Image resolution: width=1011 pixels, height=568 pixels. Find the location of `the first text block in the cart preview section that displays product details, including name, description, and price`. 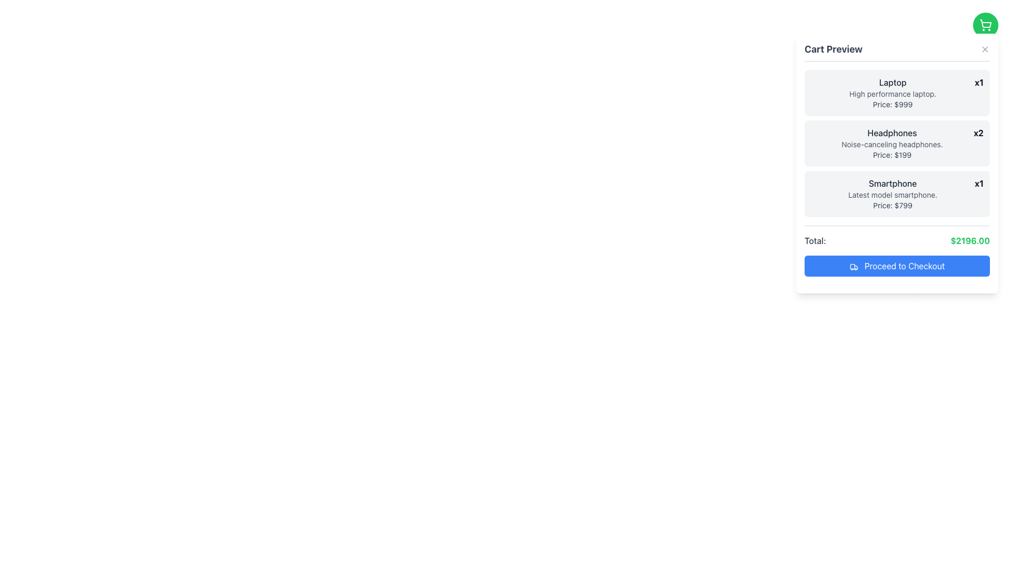

the first text block in the cart preview section that displays product details, including name, description, and price is located at coordinates (892, 93).